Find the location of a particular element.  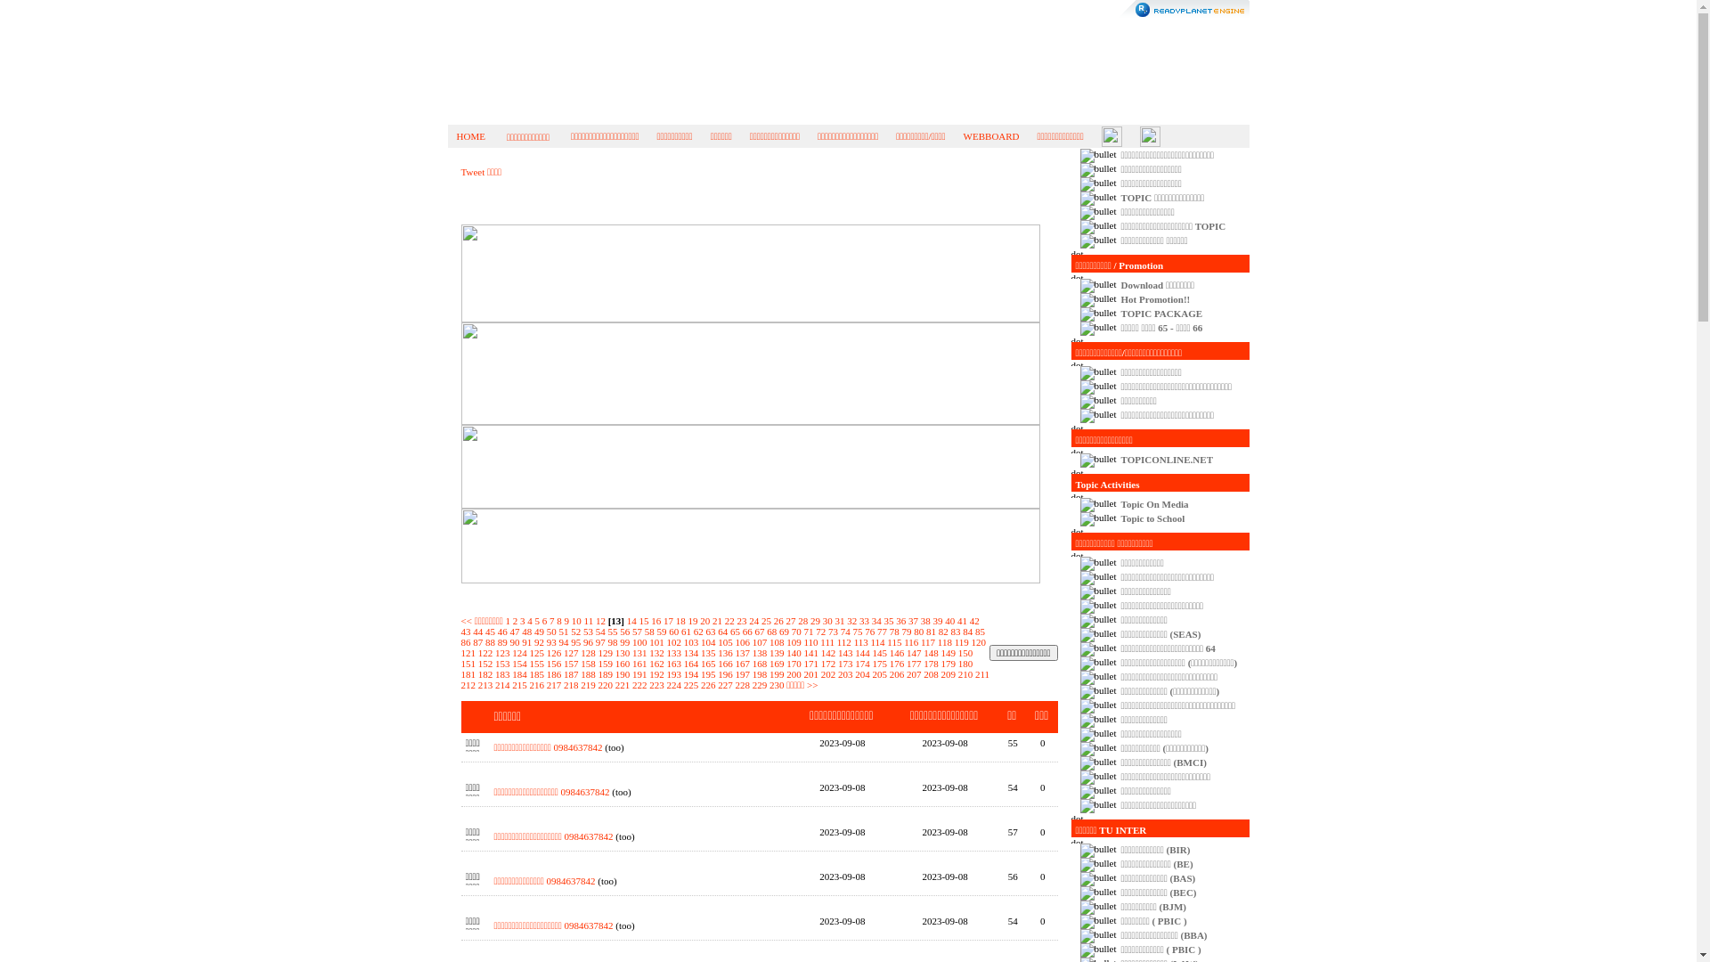

'76' is located at coordinates (869, 631).